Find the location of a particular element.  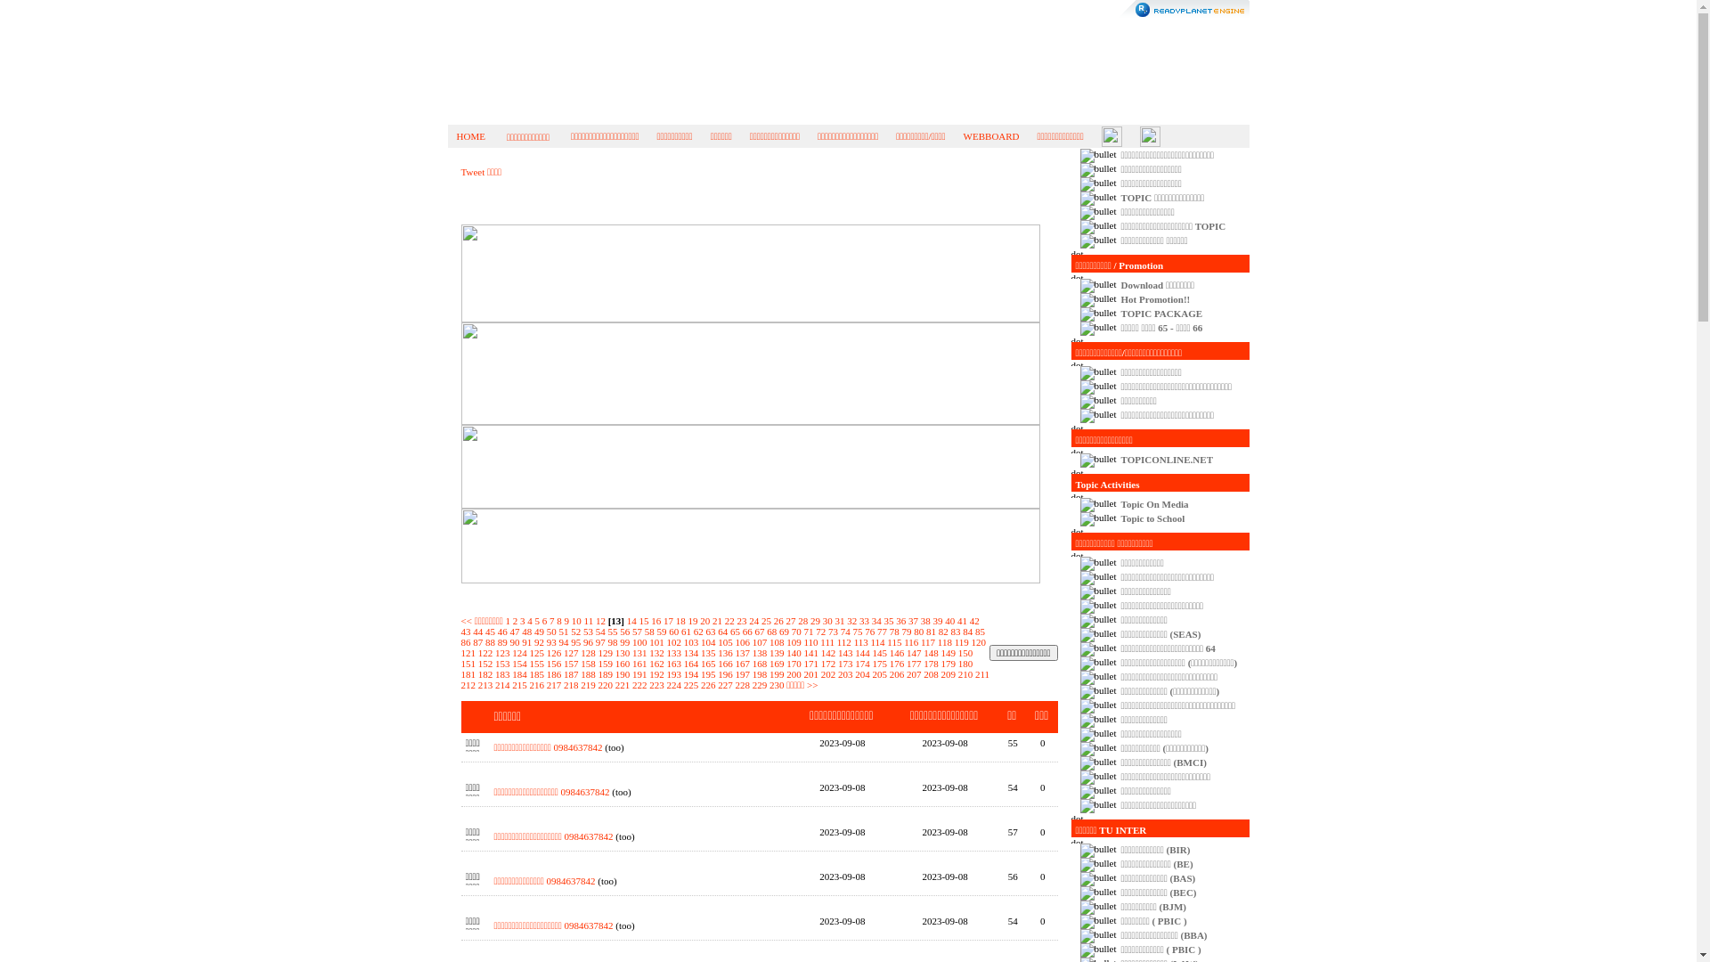

'76' is located at coordinates (869, 631).